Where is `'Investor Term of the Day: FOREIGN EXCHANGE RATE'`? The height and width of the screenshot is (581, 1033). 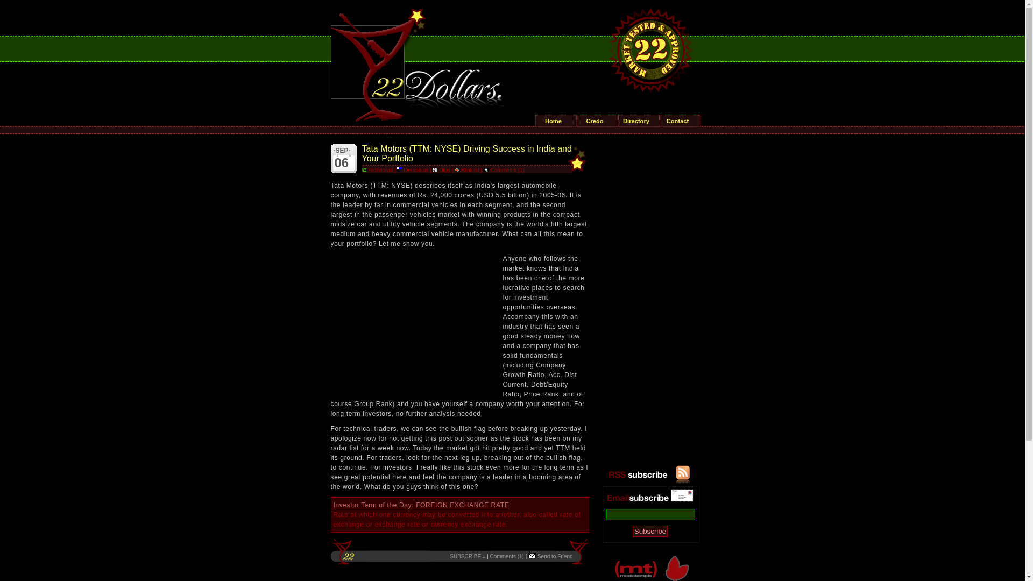 'Investor Term of the Day: FOREIGN EXCHANGE RATE' is located at coordinates (421, 505).